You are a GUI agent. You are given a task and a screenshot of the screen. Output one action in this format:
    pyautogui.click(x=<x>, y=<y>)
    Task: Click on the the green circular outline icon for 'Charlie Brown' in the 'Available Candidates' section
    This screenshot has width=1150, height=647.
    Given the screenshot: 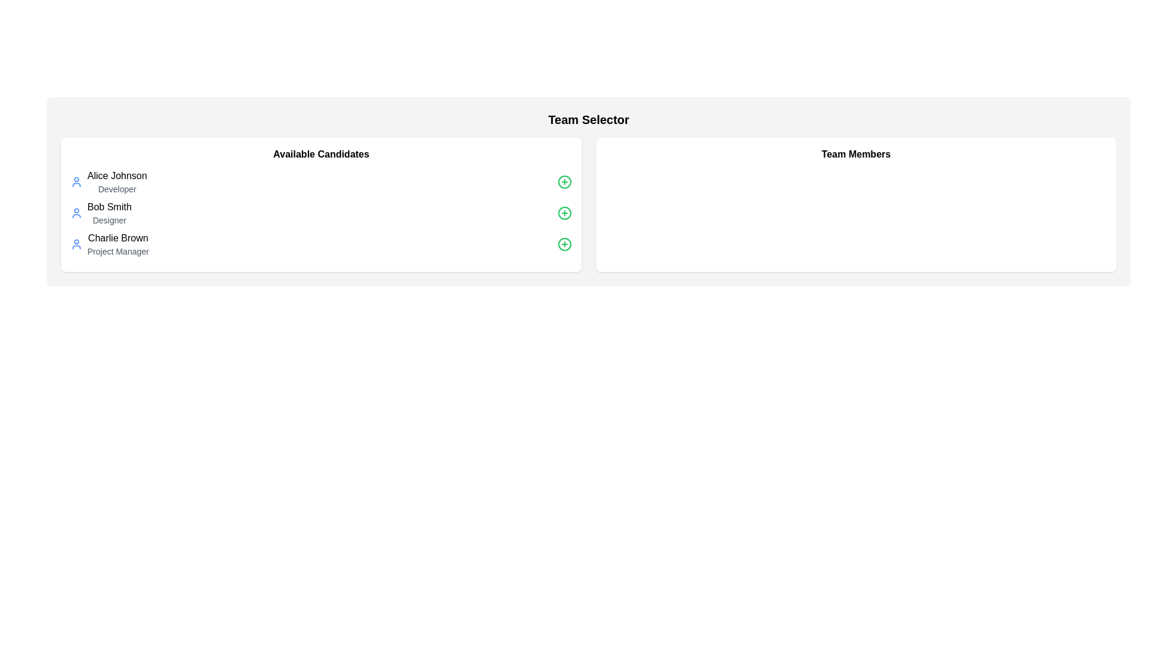 What is the action you would take?
    pyautogui.click(x=564, y=244)
    